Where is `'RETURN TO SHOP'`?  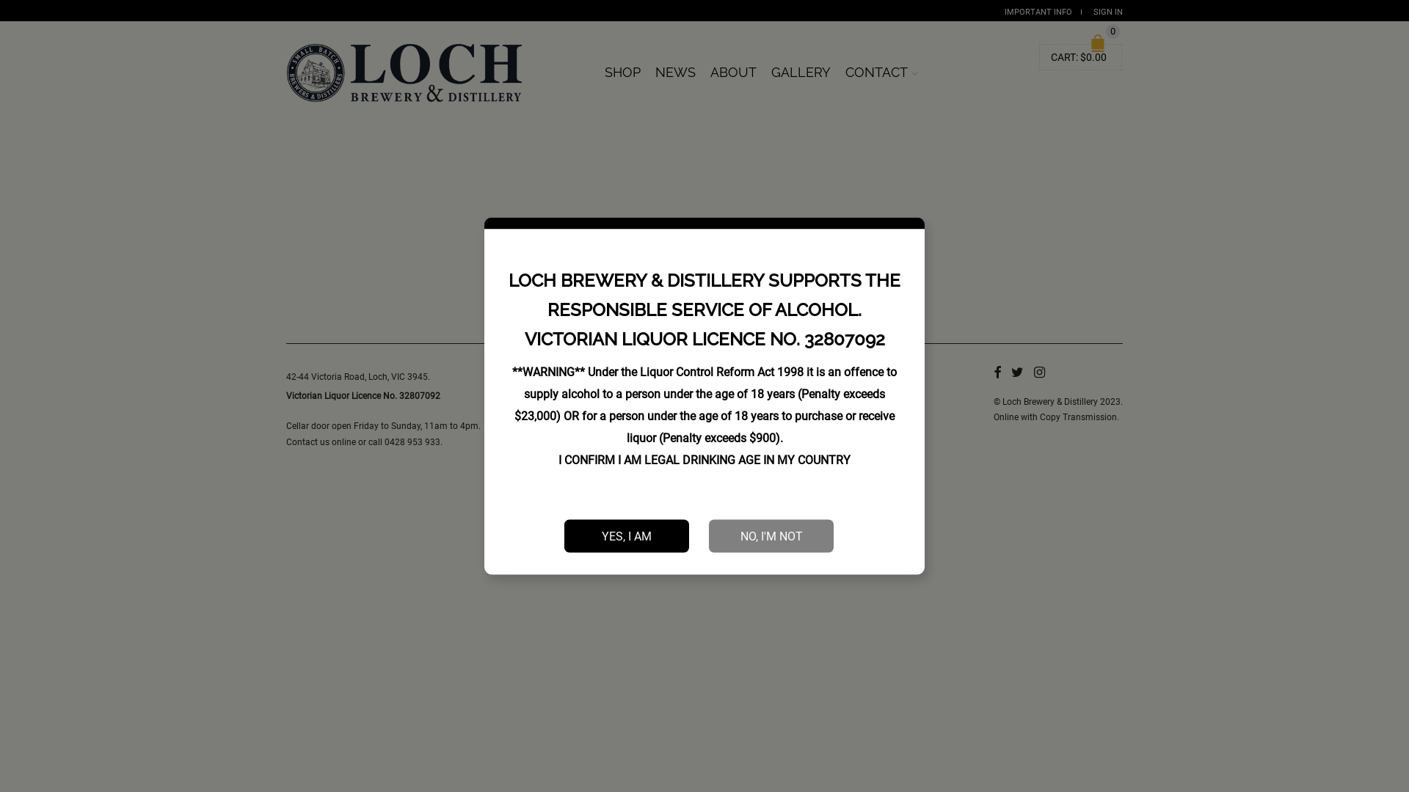
'RETURN TO SHOP' is located at coordinates (703, 277).